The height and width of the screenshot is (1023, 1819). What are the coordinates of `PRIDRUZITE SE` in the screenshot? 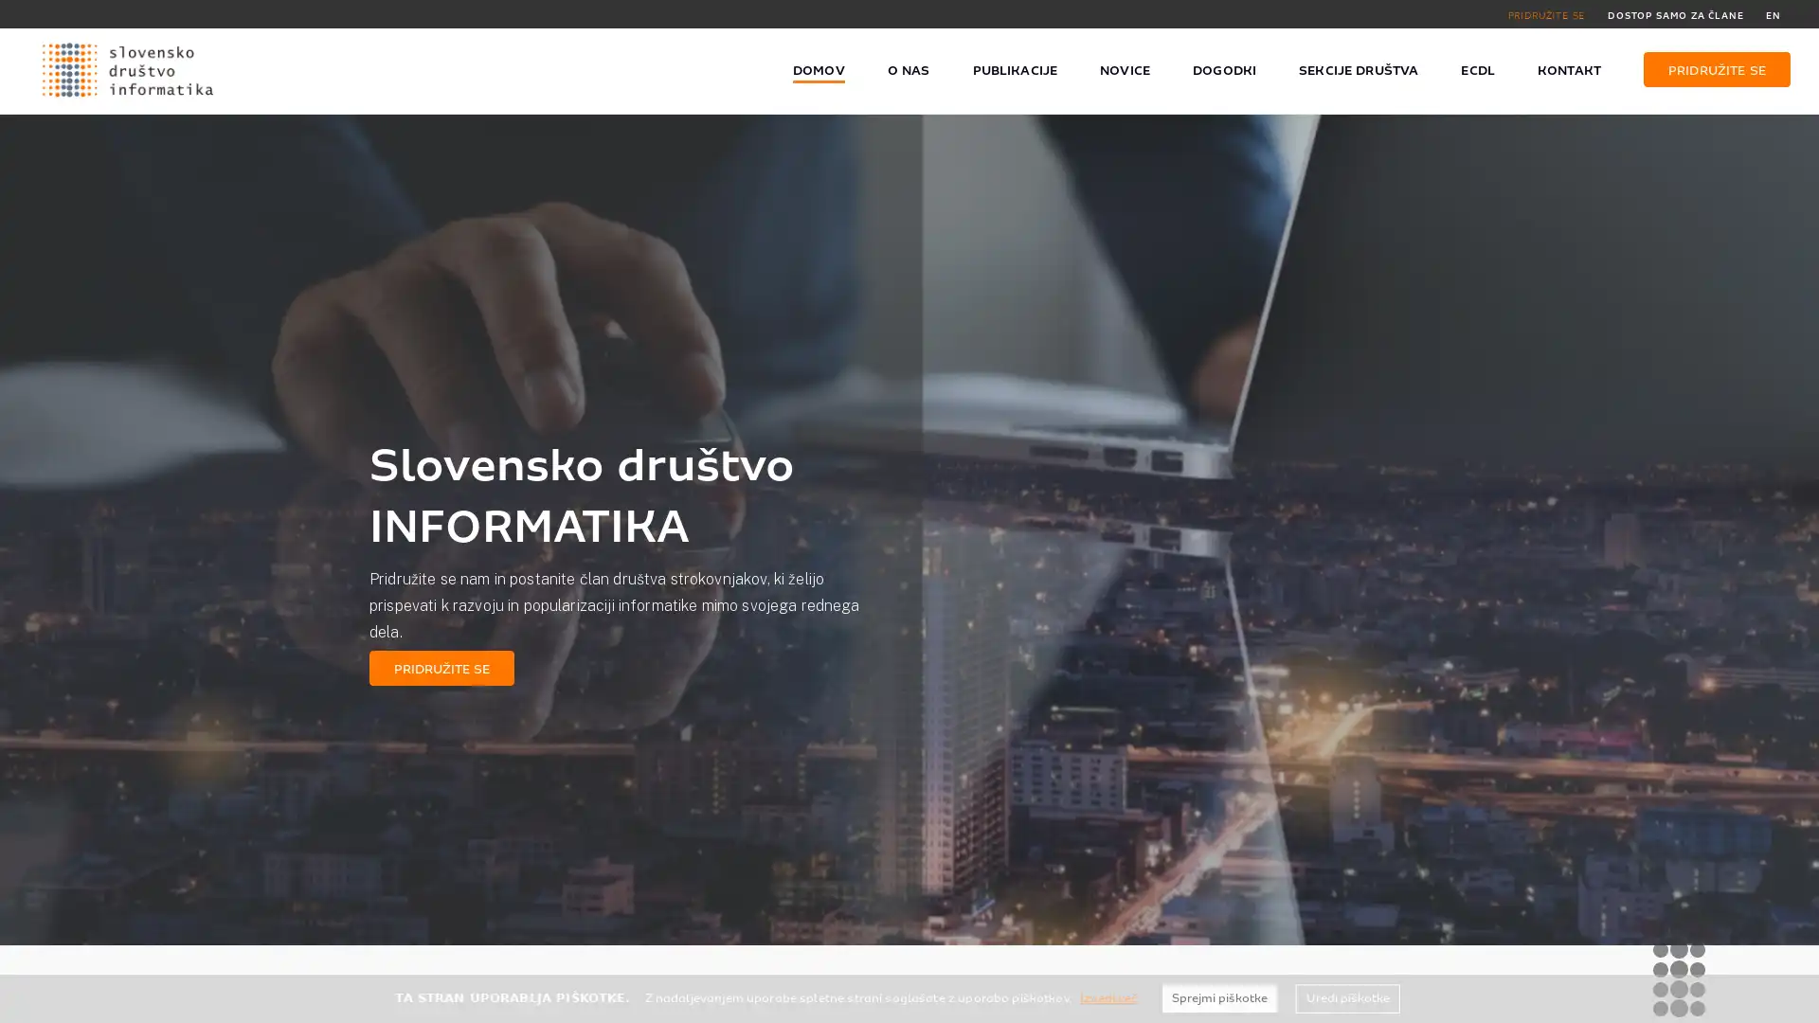 It's located at (441, 667).